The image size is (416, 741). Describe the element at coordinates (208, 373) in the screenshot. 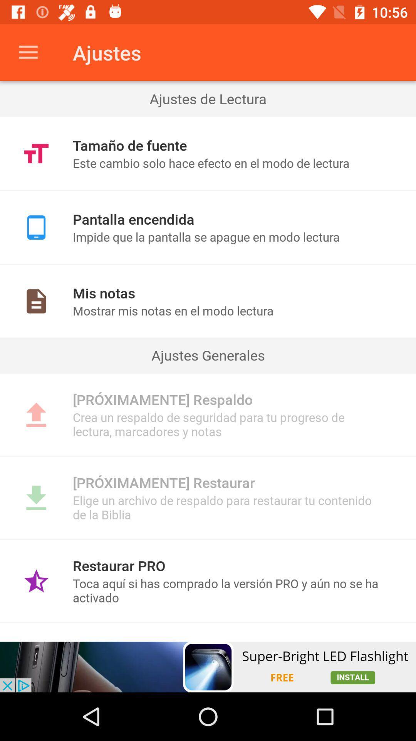

I see `item below ajustes generales item` at that location.